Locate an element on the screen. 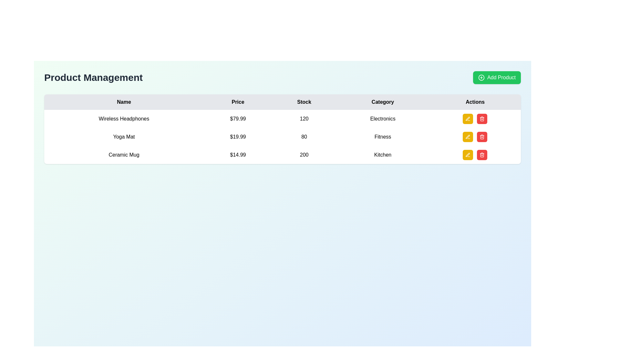 This screenshot has height=348, width=620. and copy the text from the third cell of the table row for 'Wireless Headphones', which displays the stock count is located at coordinates (304, 119).